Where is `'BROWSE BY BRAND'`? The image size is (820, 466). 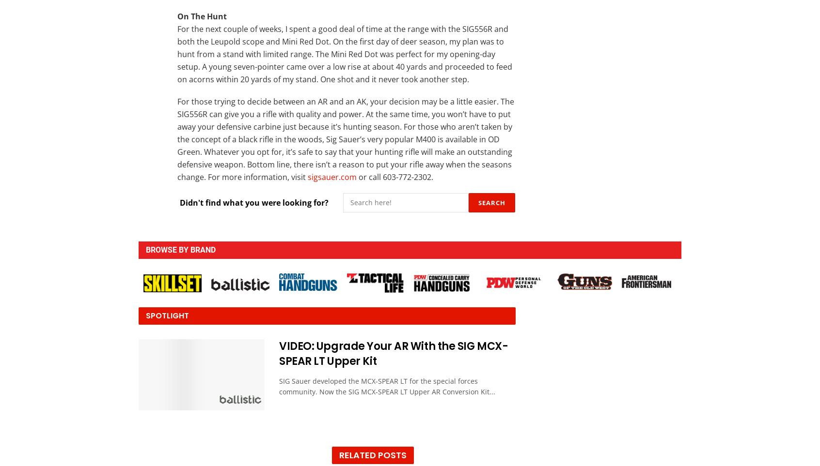 'BROWSE BY BRAND' is located at coordinates (180, 249).